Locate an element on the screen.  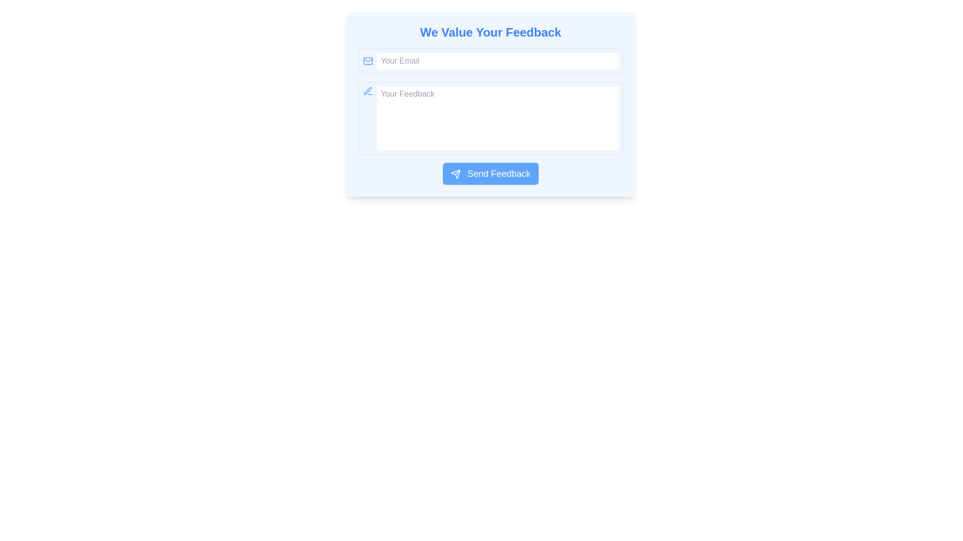
the tilted paper airplane icon, which is located to the left of the 'Send Feedback' button is located at coordinates (455, 174).